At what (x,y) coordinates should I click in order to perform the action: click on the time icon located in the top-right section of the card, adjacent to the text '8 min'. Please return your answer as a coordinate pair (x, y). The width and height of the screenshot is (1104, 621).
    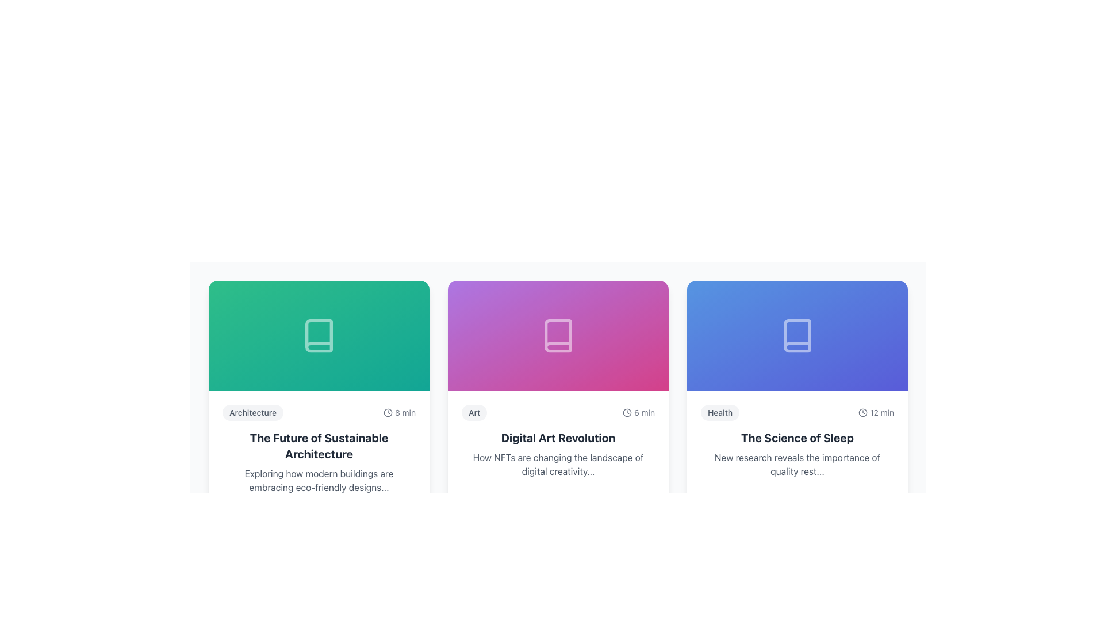
    Looking at the image, I should click on (388, 412).